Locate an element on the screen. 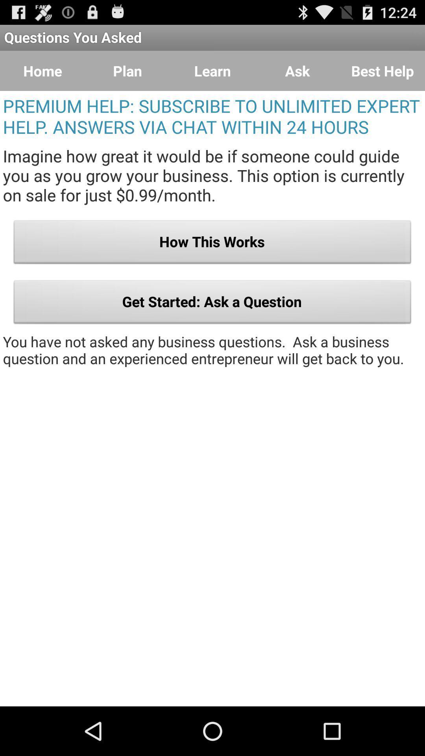  the item below questions you asked is located at coordinates (127, 71).